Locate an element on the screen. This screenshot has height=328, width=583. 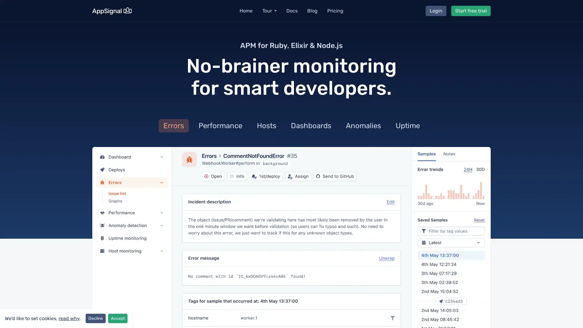
Errors is located at coordinates (173, 125).